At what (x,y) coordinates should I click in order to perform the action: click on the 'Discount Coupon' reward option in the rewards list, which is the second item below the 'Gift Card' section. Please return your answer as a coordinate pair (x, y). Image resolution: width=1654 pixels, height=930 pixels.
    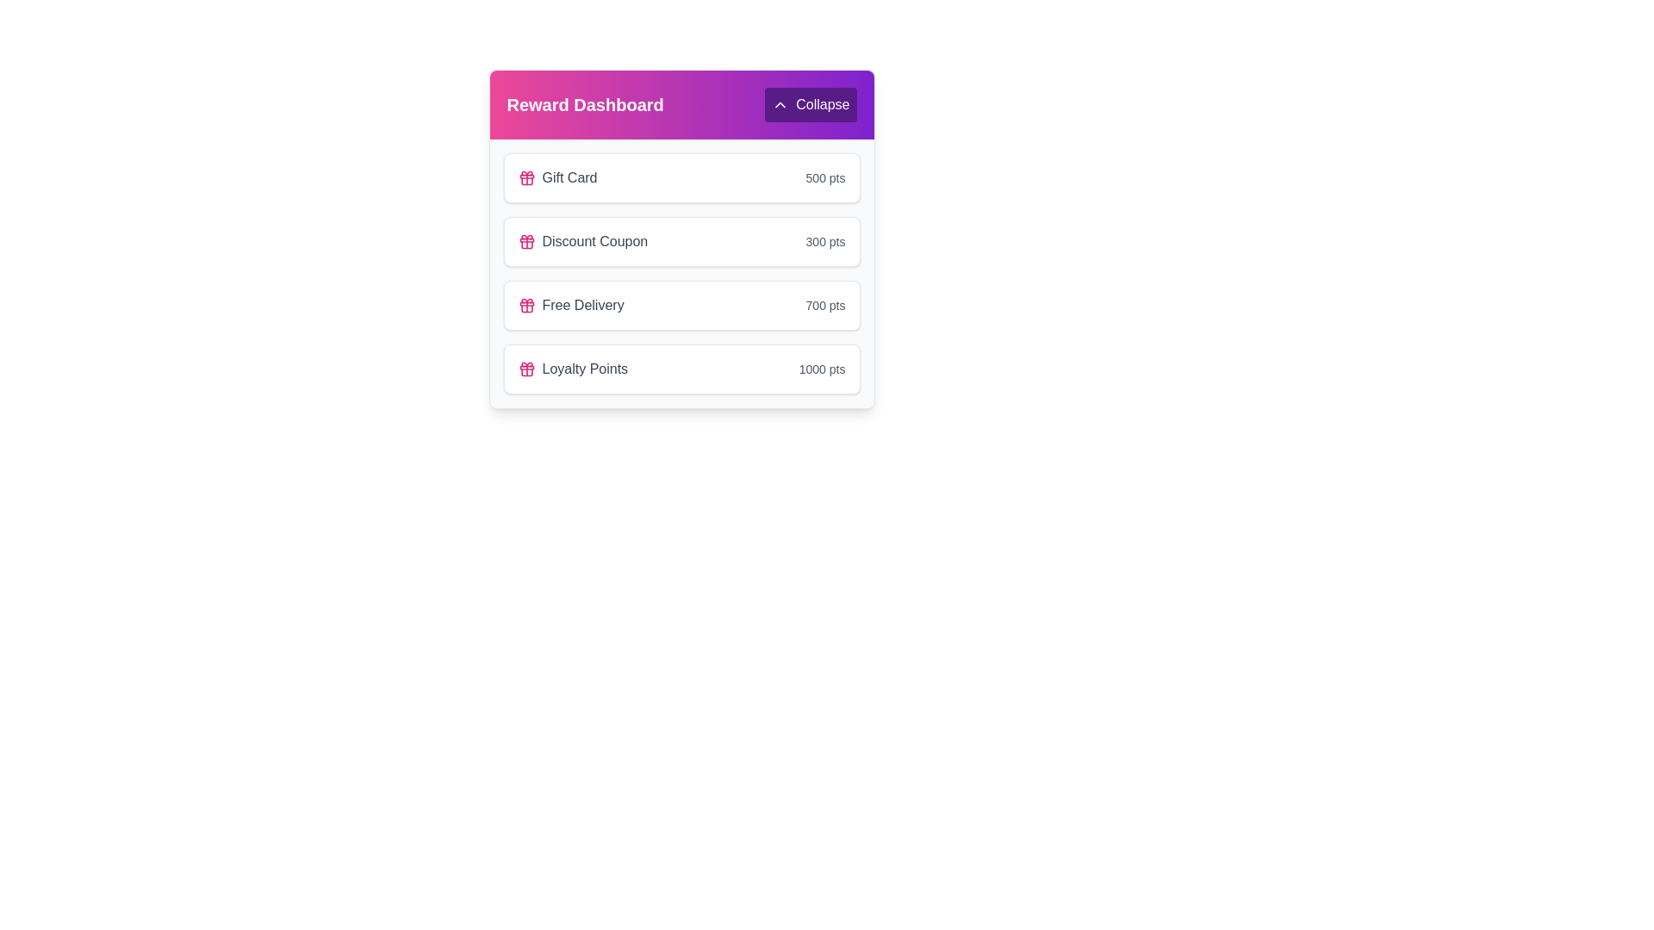
    Looking at the image, I should click on (681, 239).